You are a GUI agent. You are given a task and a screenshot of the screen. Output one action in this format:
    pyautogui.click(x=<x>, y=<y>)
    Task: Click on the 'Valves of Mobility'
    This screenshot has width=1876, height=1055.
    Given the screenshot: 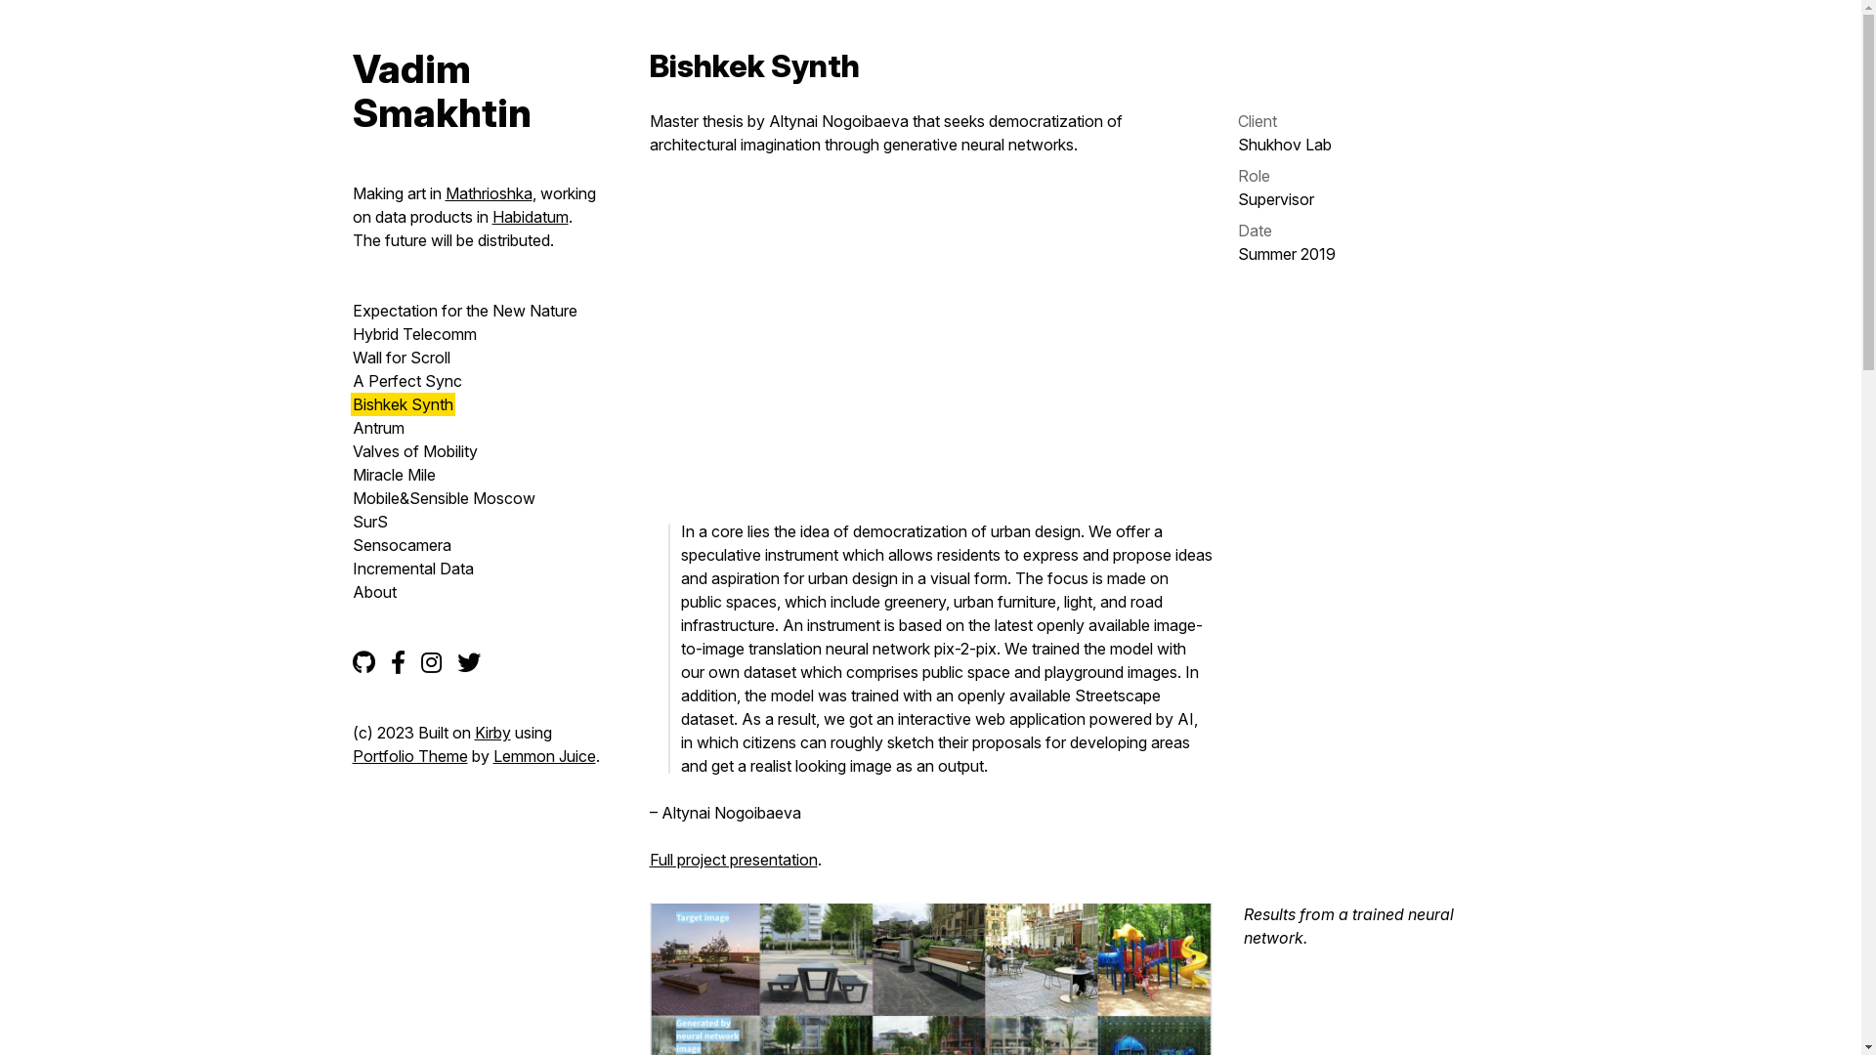 What is the action you would take?
    pyautogui.click(x=350, y=451)
    